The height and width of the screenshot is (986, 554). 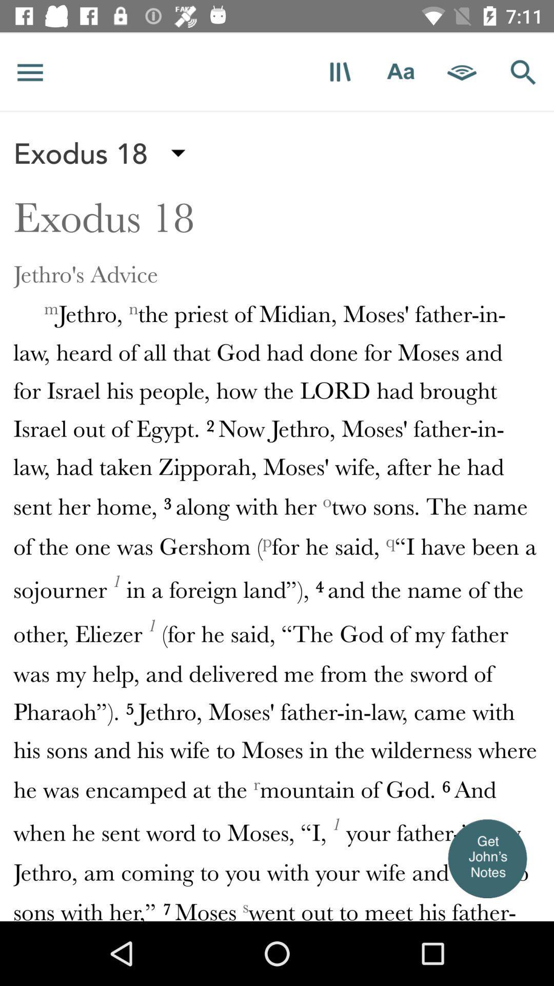 I want to click on new search, so click(x=523, y=71).